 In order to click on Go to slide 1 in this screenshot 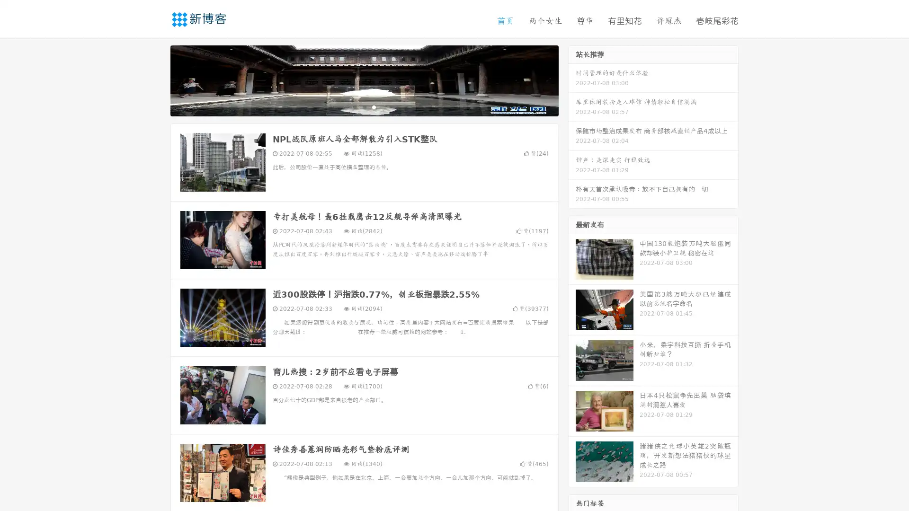, I will do `click(354, 106)`.